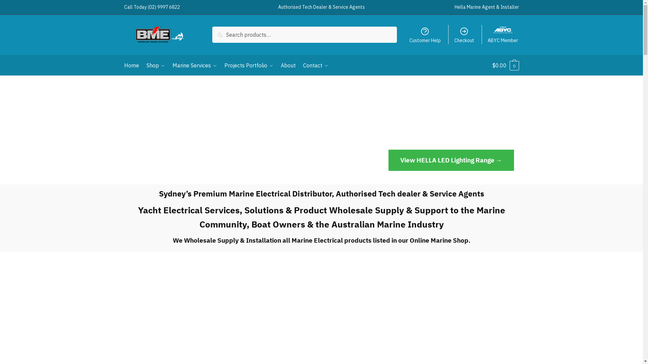  I want to click on 'Hella Marine Agent & Installer', so click(454, 7).